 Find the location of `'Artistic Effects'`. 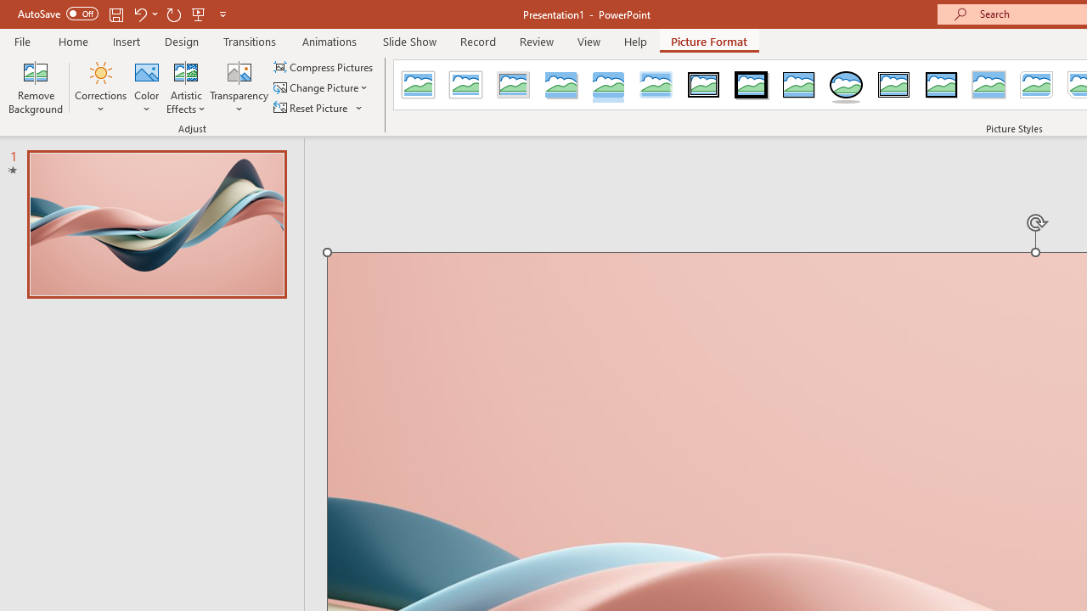

'Artistic Effects' is located at coordinates (186, 87).